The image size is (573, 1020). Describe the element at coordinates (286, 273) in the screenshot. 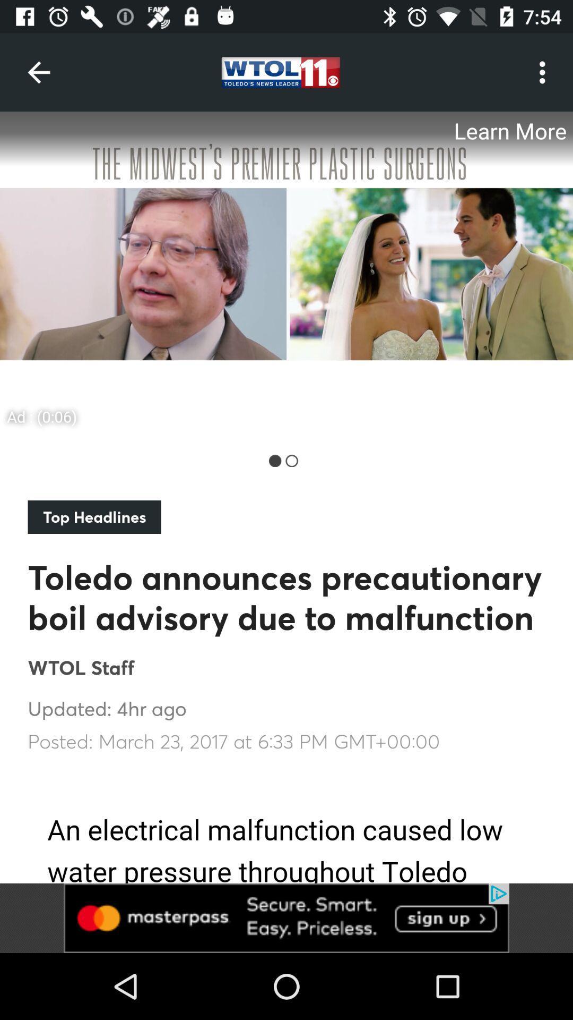

I see `open advertisement` at that location.